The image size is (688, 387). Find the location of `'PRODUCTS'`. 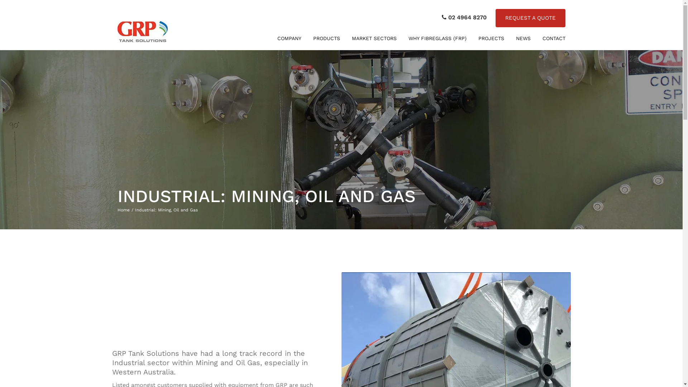

'PRODUCTS' is located at coordinates (310, 38).